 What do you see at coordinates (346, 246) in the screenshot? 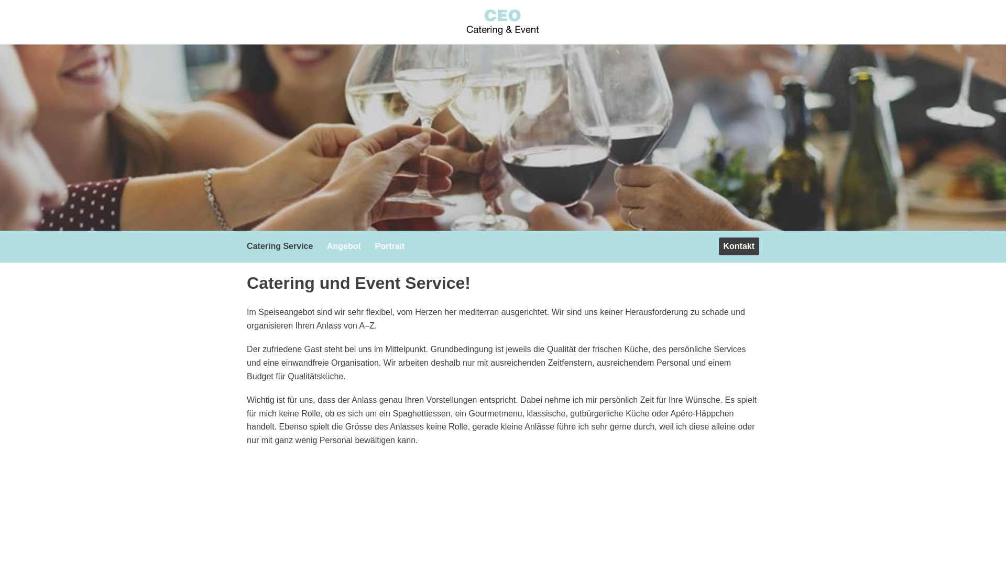
I see `'Angebot'` at bounding box center [346, 246].